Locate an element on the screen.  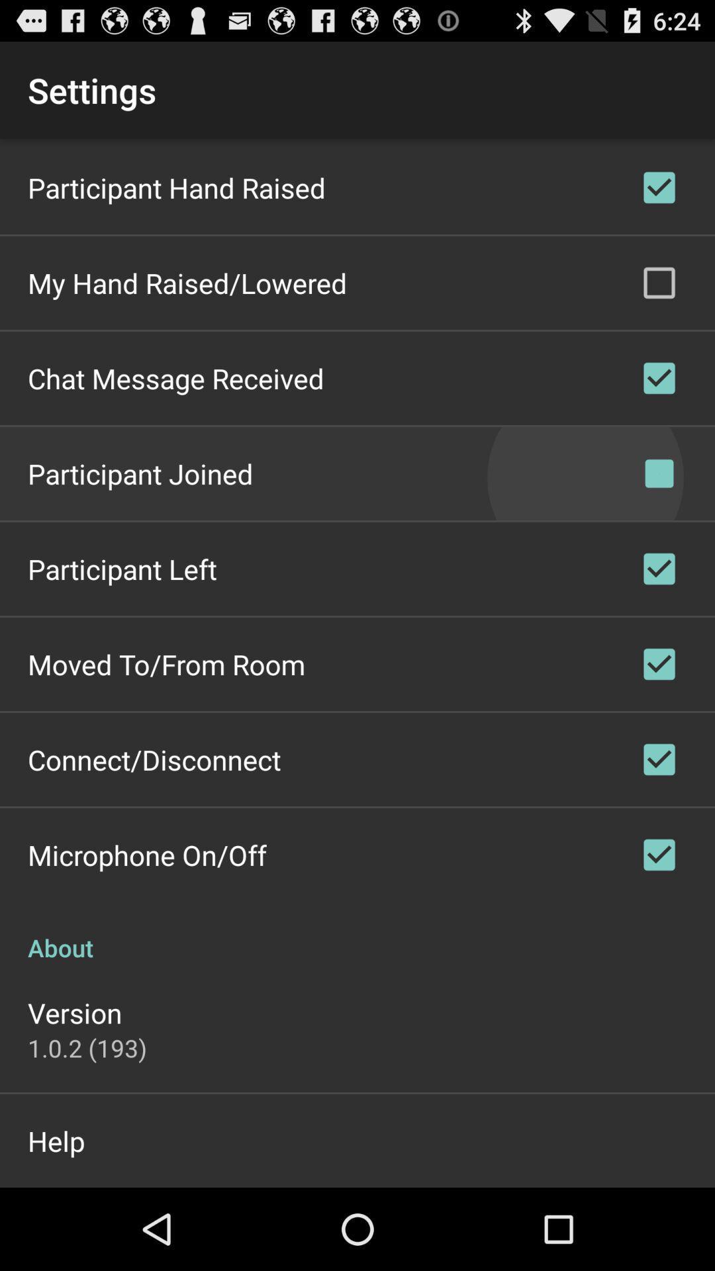
microphone onoff which is above about is located at coordinates (659, 855).